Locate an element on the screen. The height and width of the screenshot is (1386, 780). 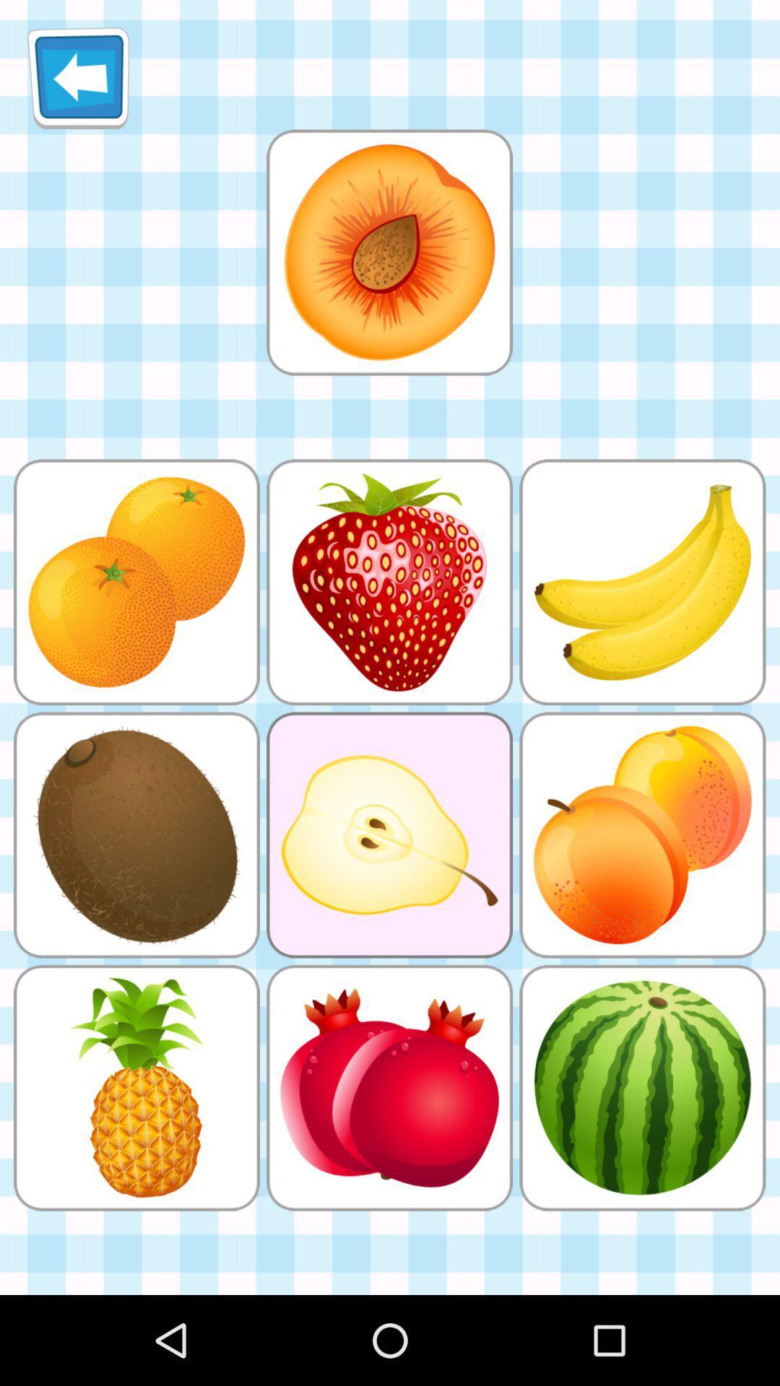
peach is located at coordinates (389, 252).